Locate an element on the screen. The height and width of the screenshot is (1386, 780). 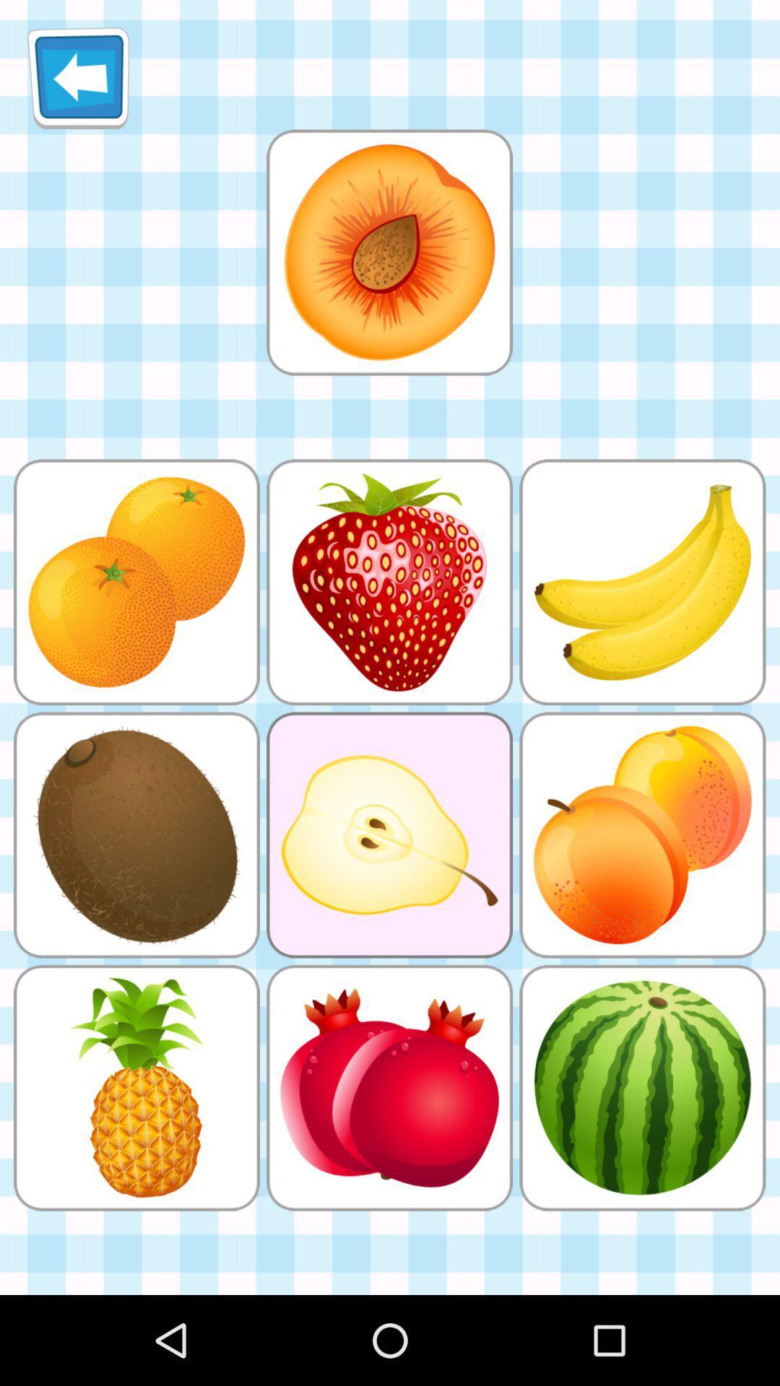
peach is located at coordinates (389, 252).